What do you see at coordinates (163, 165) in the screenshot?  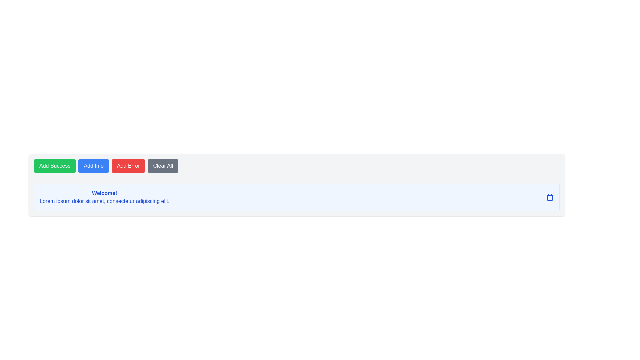 I see `the clear notifications button located at the far right of the row of four buttons` at bounding box center [163, 165].